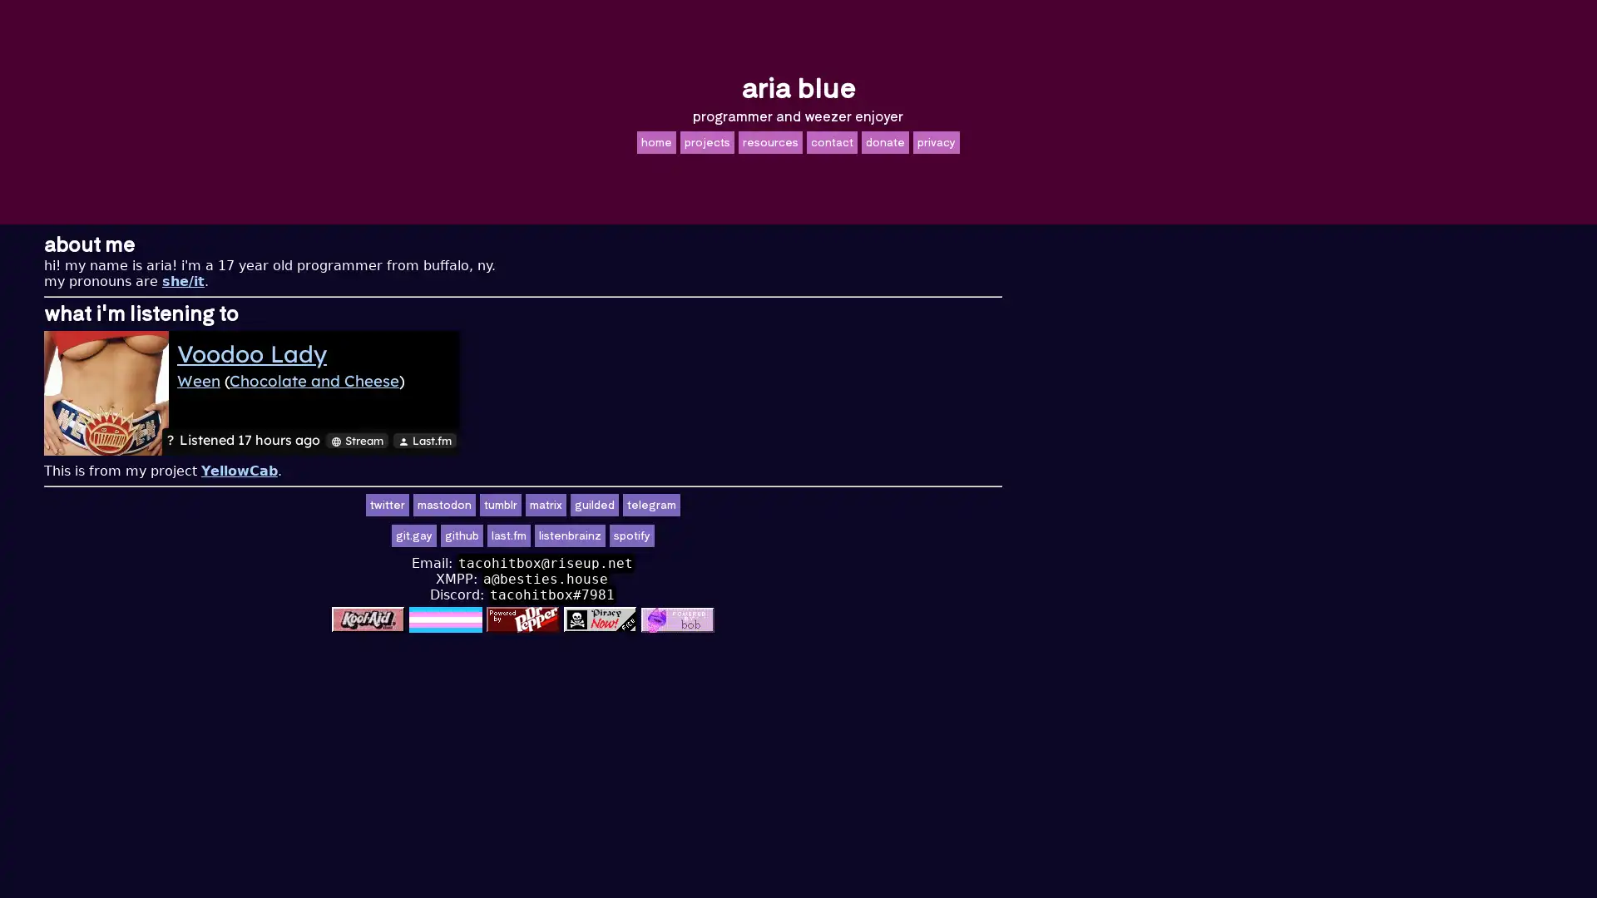 This screenshot has width=1597, height=898. I want to click on listenbrainz, so click(845, 535).